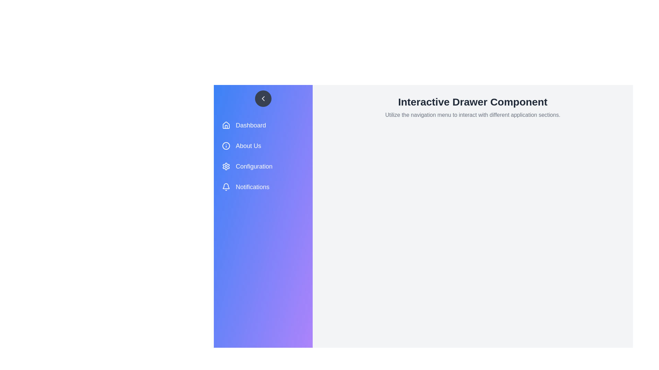 The image size is (659, 370). I want to click on the back or collapsing button icon located at the top left corner of the interface, above the navigation options like 'Dashboard', 'About Us', and 'Configuration', so click(263, 99).